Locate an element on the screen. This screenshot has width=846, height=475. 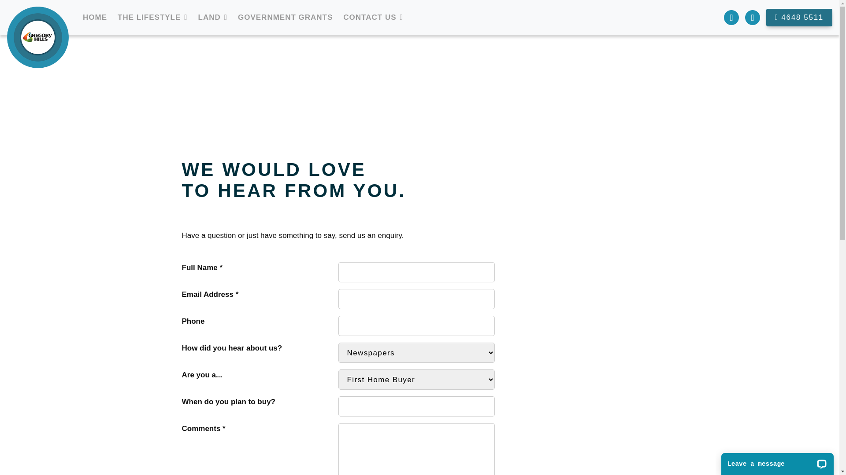
'THE LIFESTYLE' is located at coordinates (149, 17).